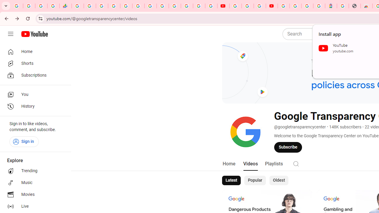 The height and width of the screenshot is (213, 379). Describe the element at coordinates (229, 164) in the screenshot. I see `'Home'` at that location.